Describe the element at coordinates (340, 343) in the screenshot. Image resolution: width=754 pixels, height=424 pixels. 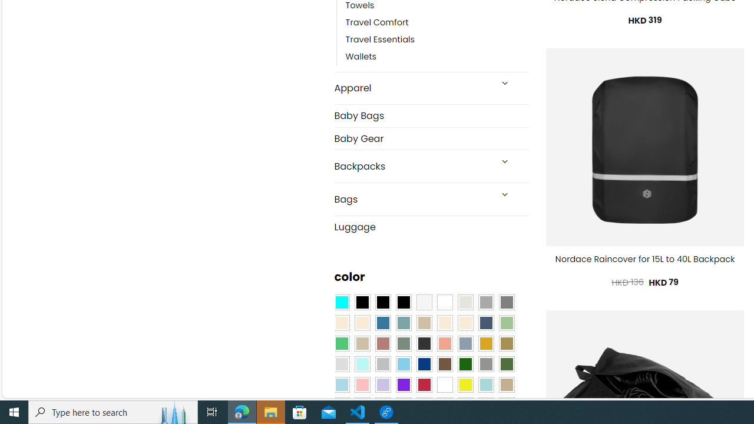
I see `'Emerald Green'` at that location.